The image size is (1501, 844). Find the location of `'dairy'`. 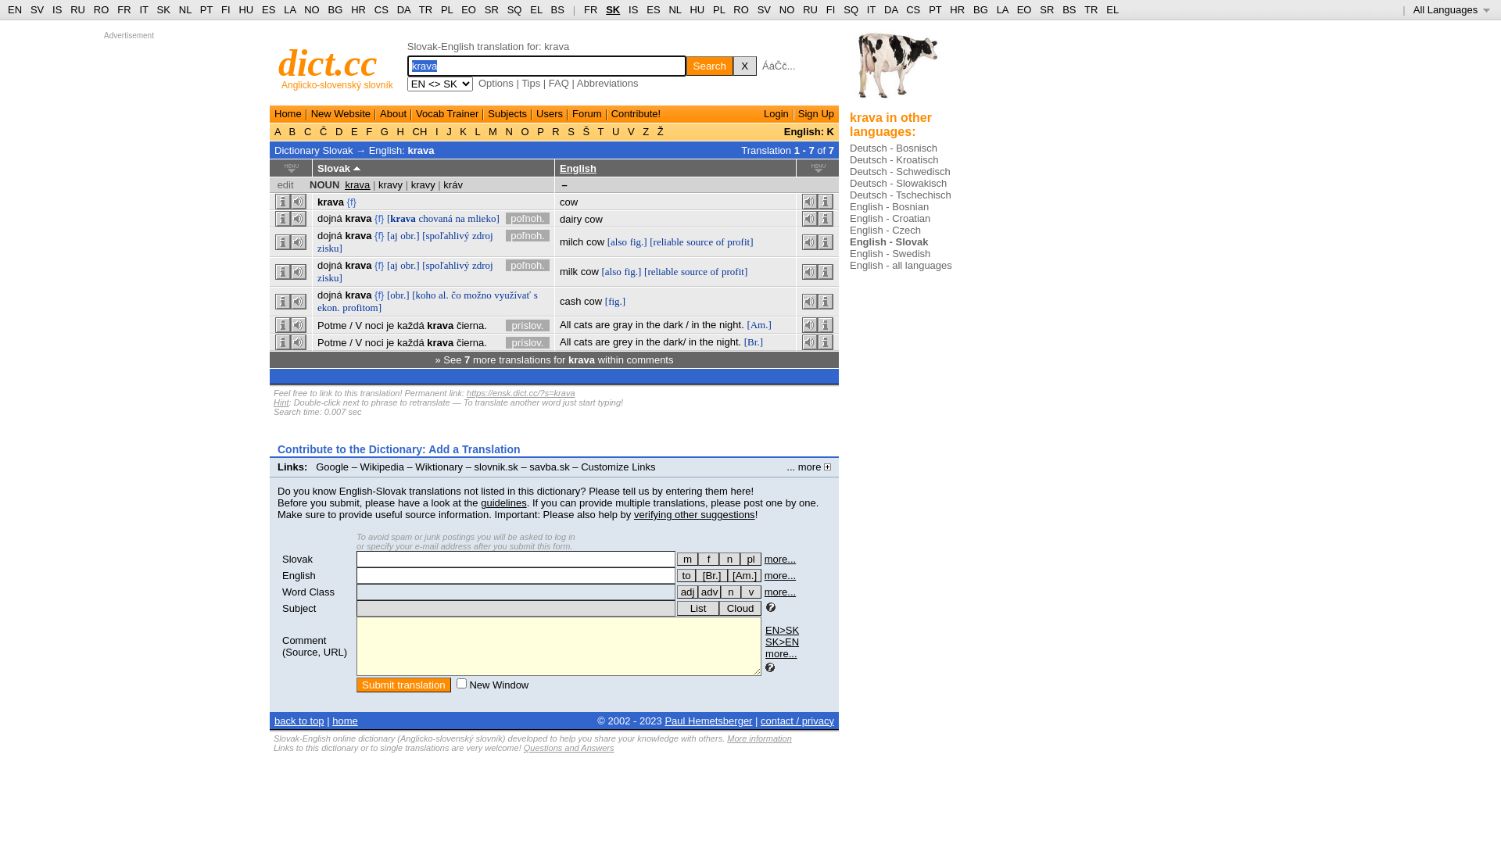

'dairy' is located at coordinates (569, 218).